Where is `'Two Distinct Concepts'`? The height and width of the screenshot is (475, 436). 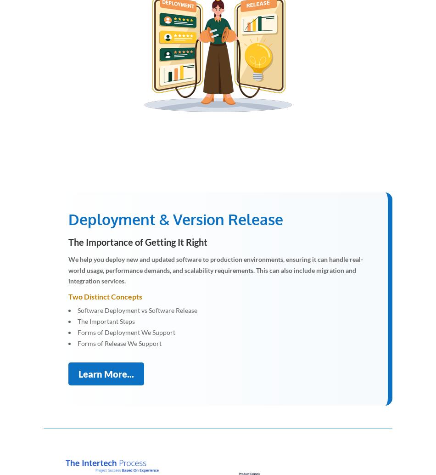
'Two Distinct Concepts' is located at coordinates (68, 296).